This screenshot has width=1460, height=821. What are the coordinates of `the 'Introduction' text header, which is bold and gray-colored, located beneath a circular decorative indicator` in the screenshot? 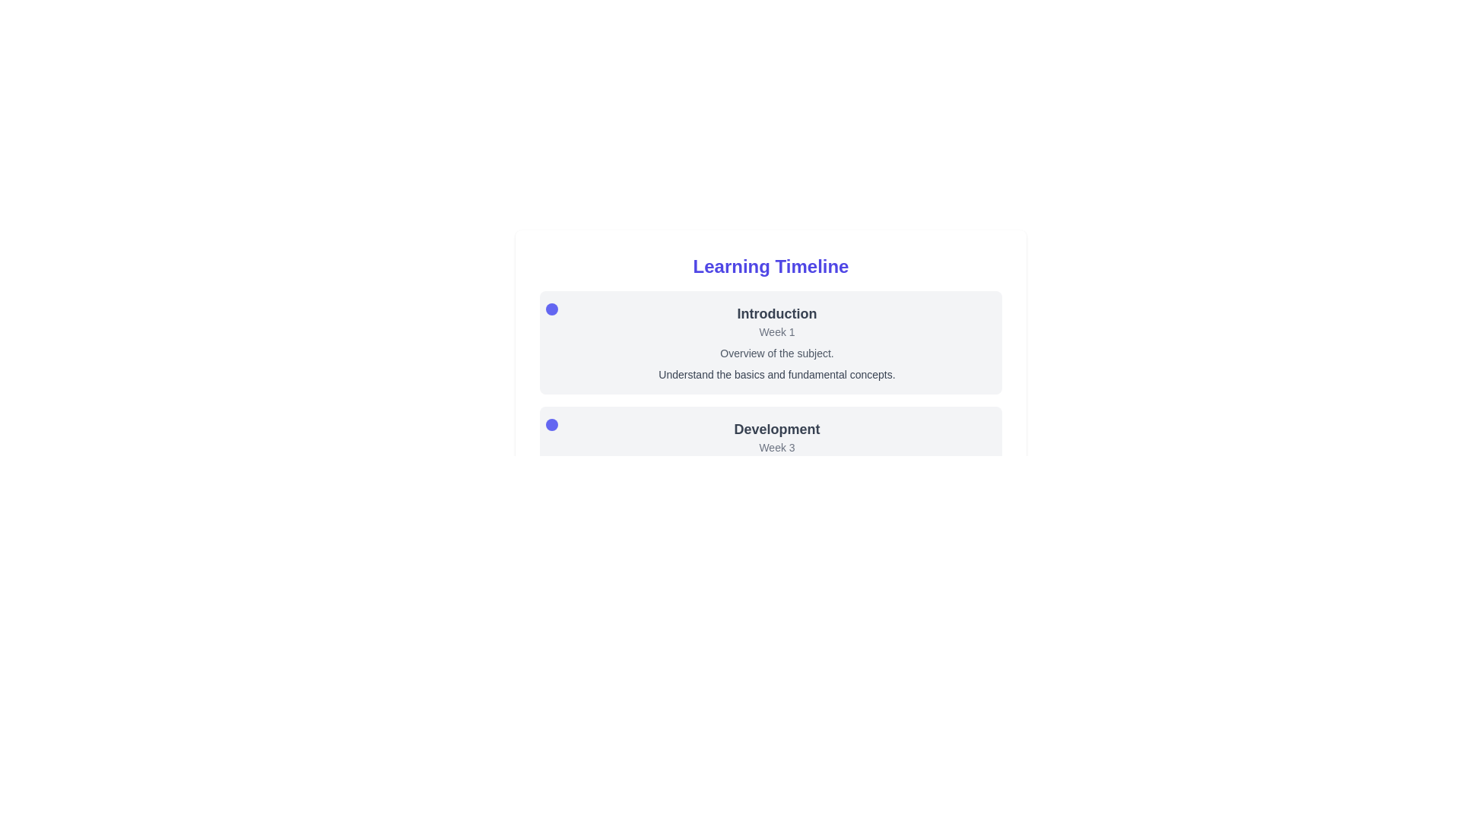 It's located at (777, 312).